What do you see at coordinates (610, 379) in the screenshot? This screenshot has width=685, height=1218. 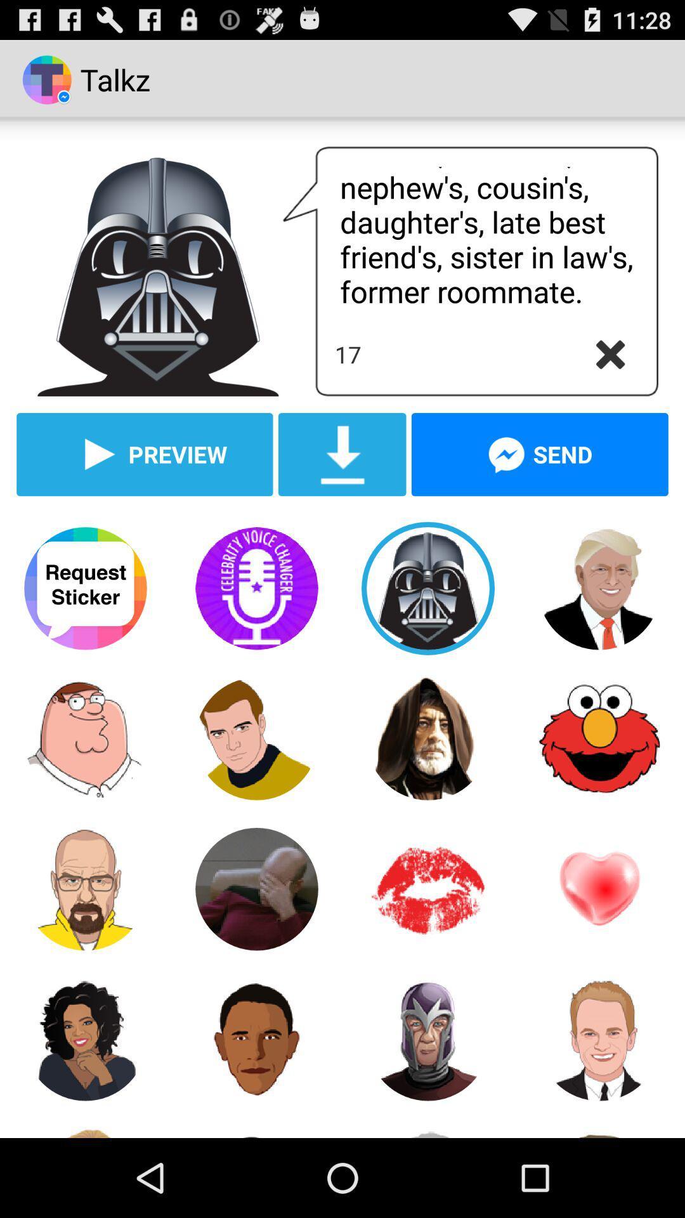 I see `the close icon` at bounding box center [610, 379].